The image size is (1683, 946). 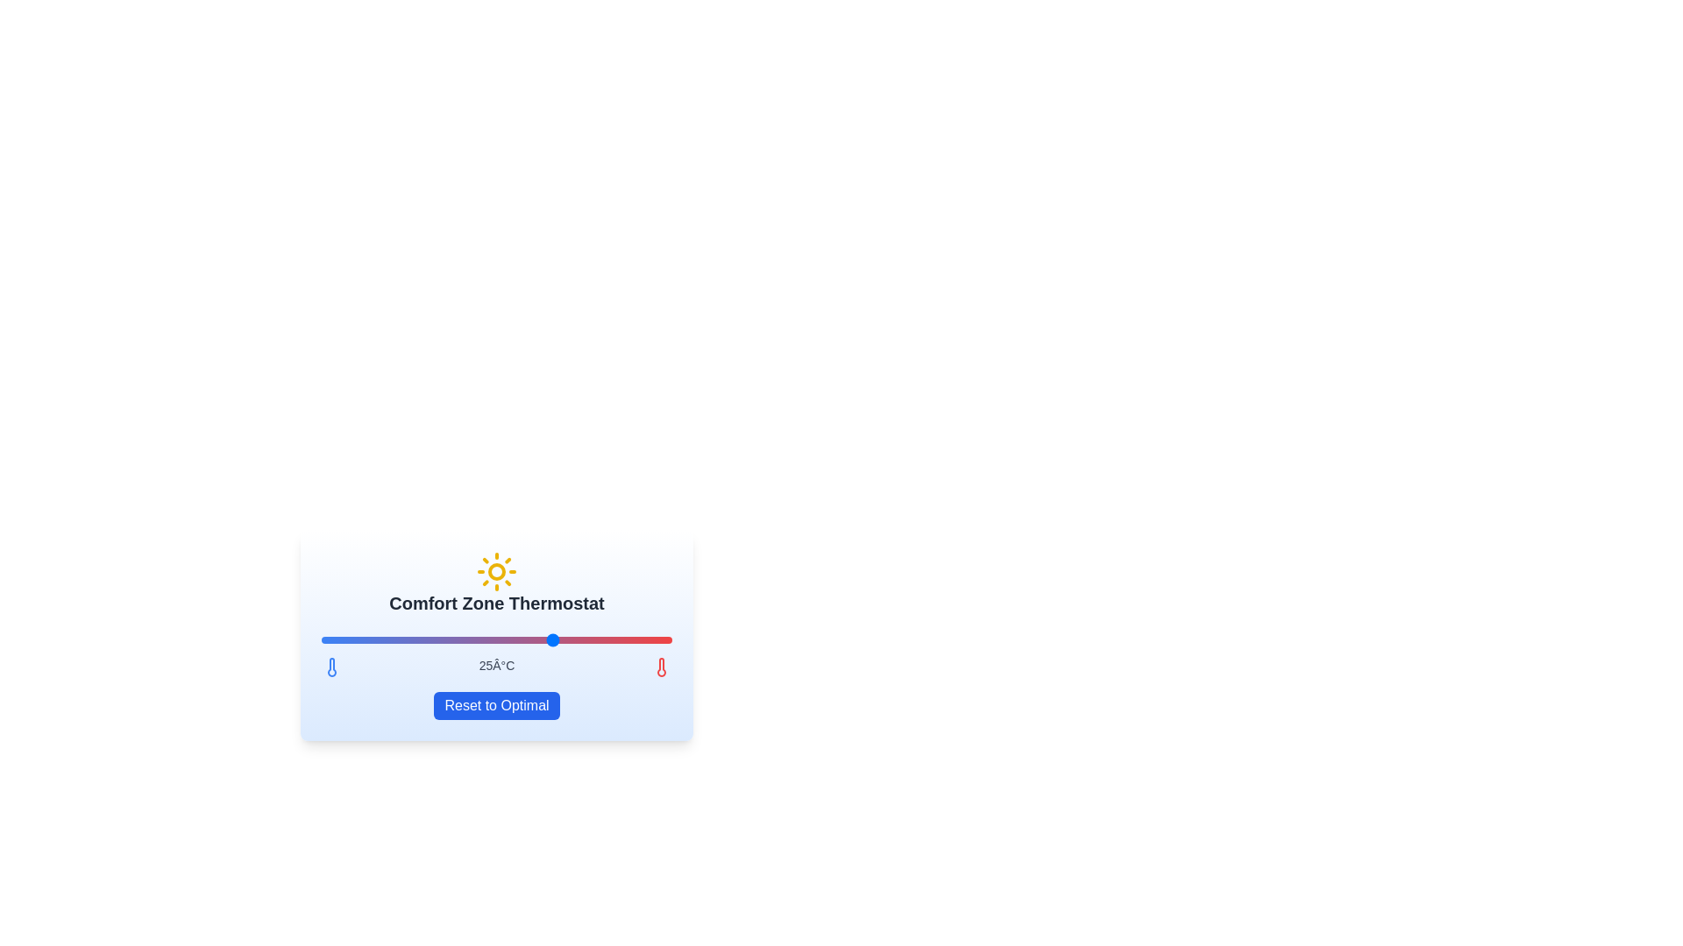 I want to click on the temperature slider to set the temperature to 25°C, so click(x=554, y=640).